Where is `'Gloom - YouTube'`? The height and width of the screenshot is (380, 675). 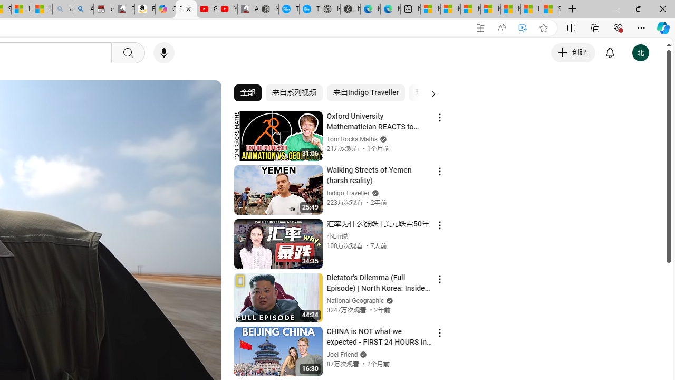
'Gloom - YouTube' is located at coordinates (206, 9).